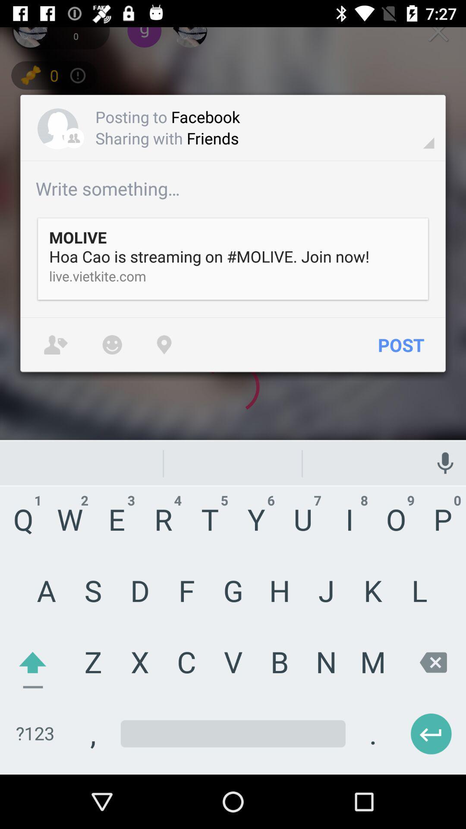 The height and width of the screenshot is (829, 466). I want to click on the close icon, so click(438, 31).